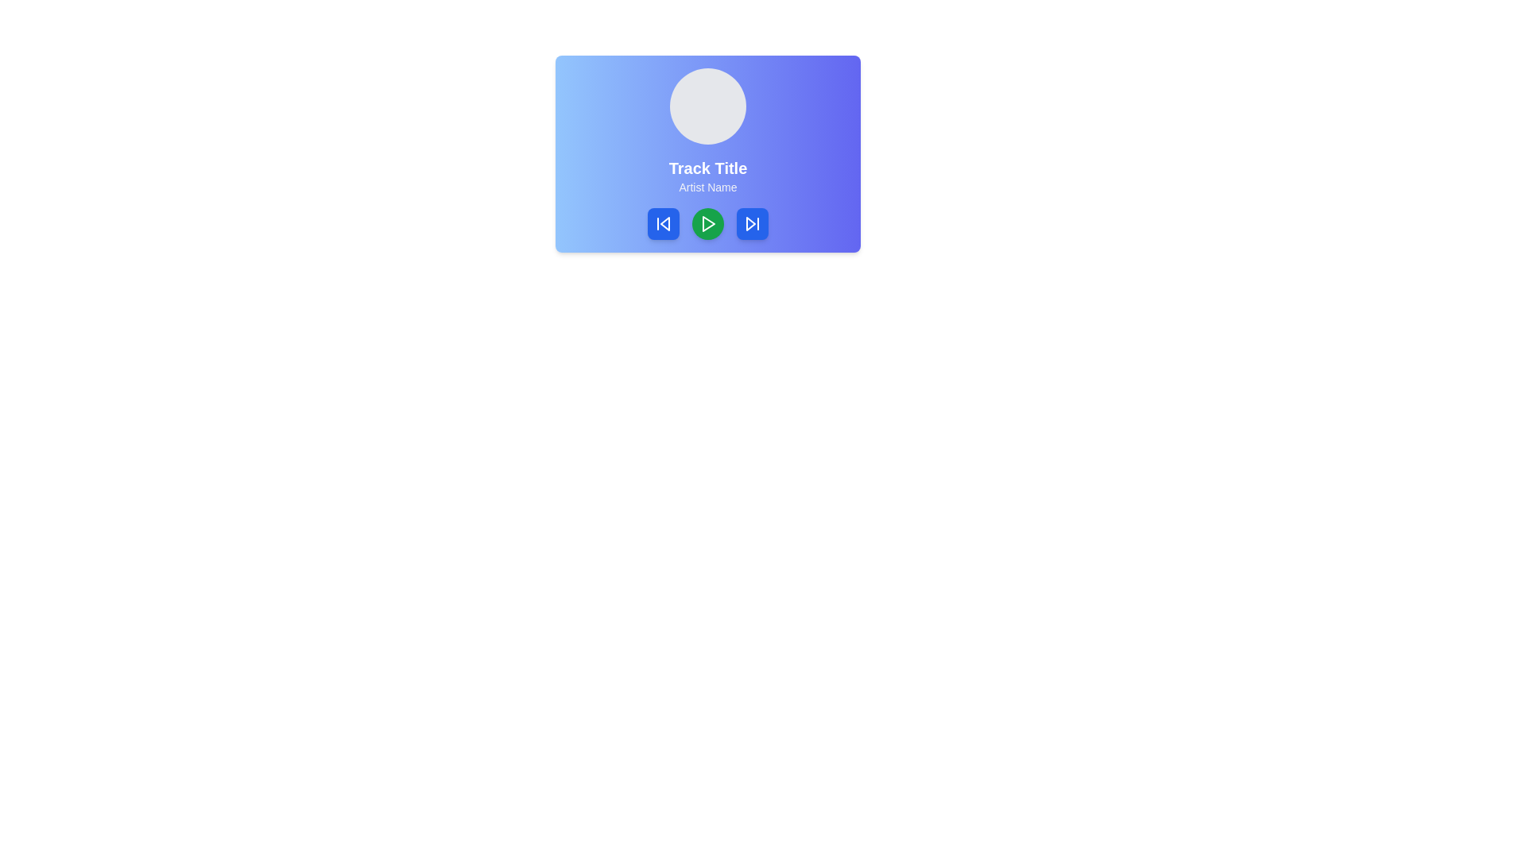  Describe the element at coordinates (664, 223) in the screenshot. I see `the 'previous' button, which is the second button` at that location.